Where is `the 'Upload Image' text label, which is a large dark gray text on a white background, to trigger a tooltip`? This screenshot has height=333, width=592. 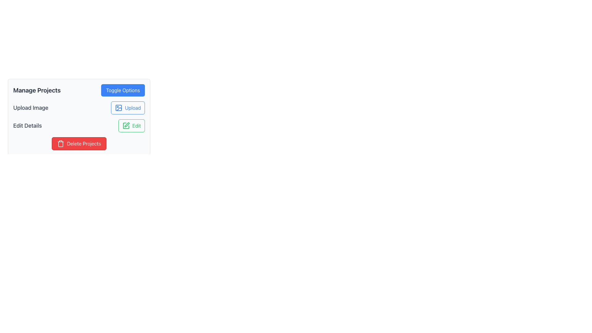
the 'Upload Image' text label, which is a large dark gray text on a white background, to trigger a tooltip is located at coordinates (30, 108).